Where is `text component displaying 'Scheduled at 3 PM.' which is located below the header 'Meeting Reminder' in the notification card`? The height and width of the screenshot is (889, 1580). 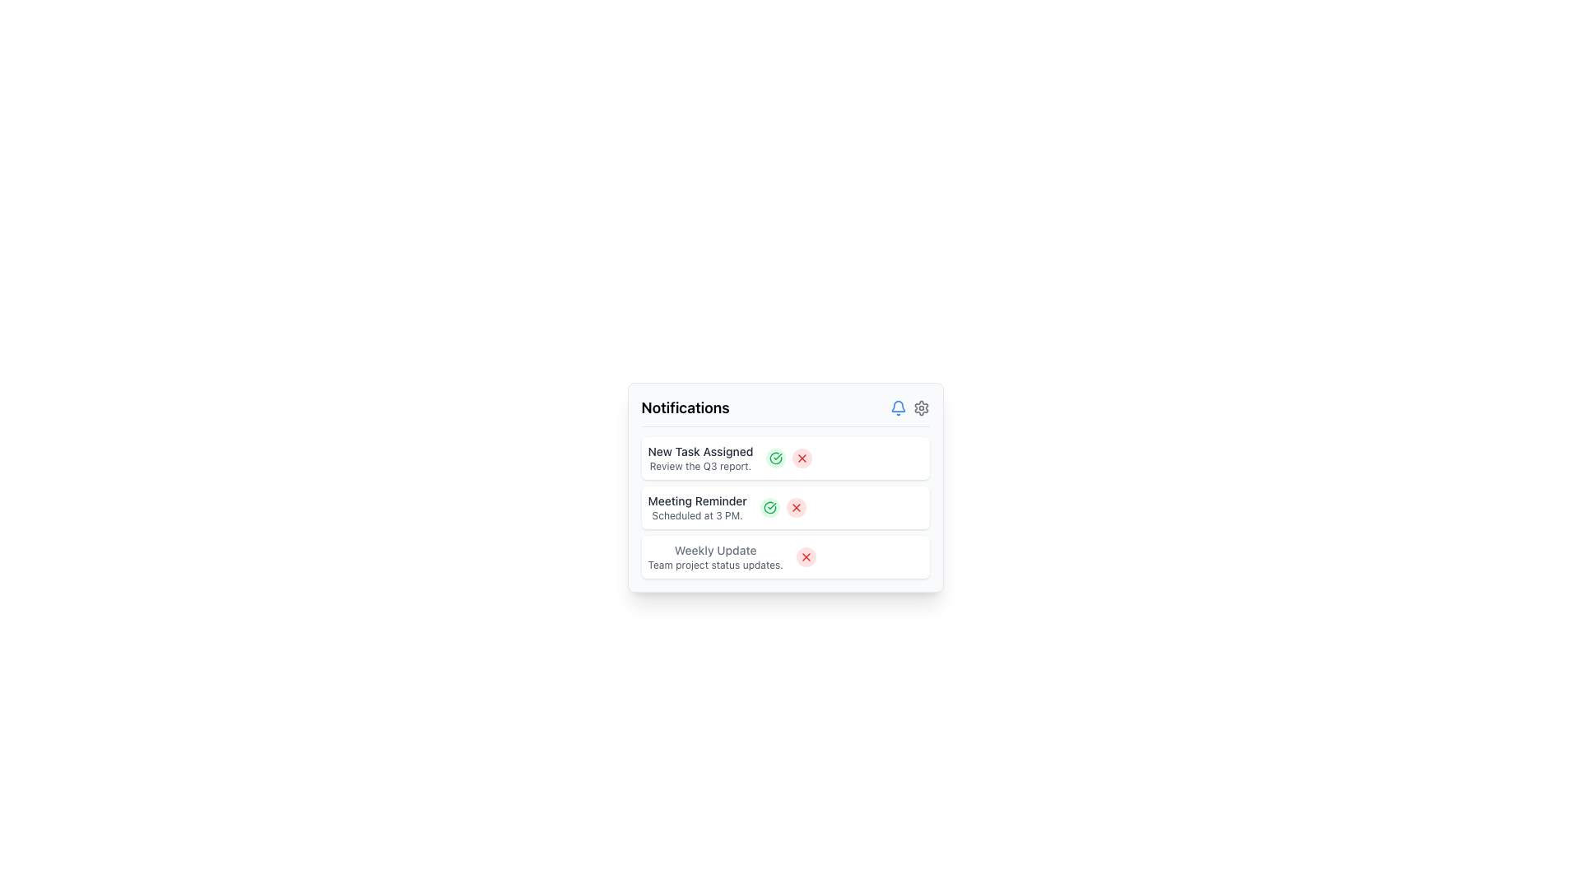
text component displaying 'Scheduled at 3 PM.' which is located below the header 'Meeting Reminder' in the notification card is located at coordinates (697, 515).